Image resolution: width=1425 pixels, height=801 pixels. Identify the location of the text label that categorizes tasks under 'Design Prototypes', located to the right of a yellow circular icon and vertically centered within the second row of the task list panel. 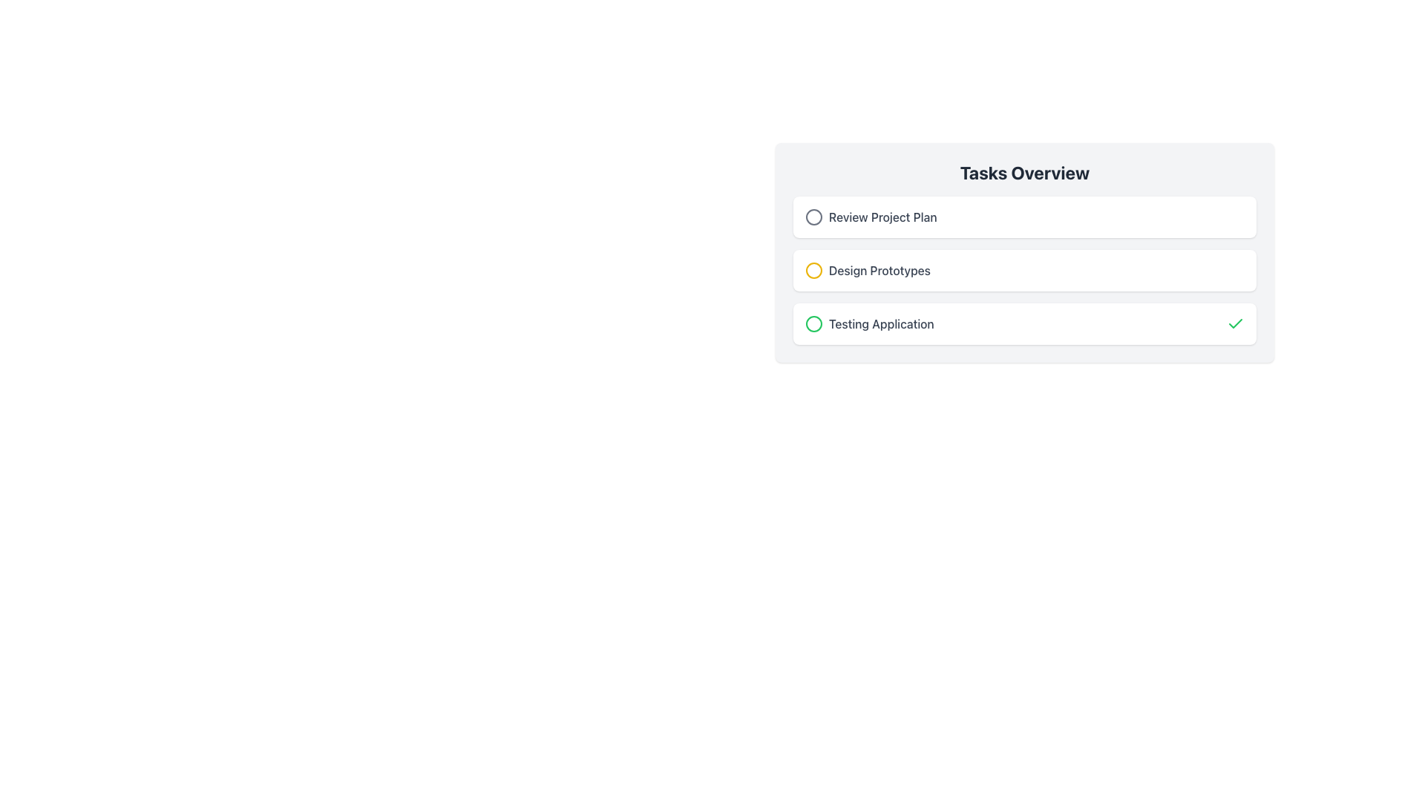
(879, 271).